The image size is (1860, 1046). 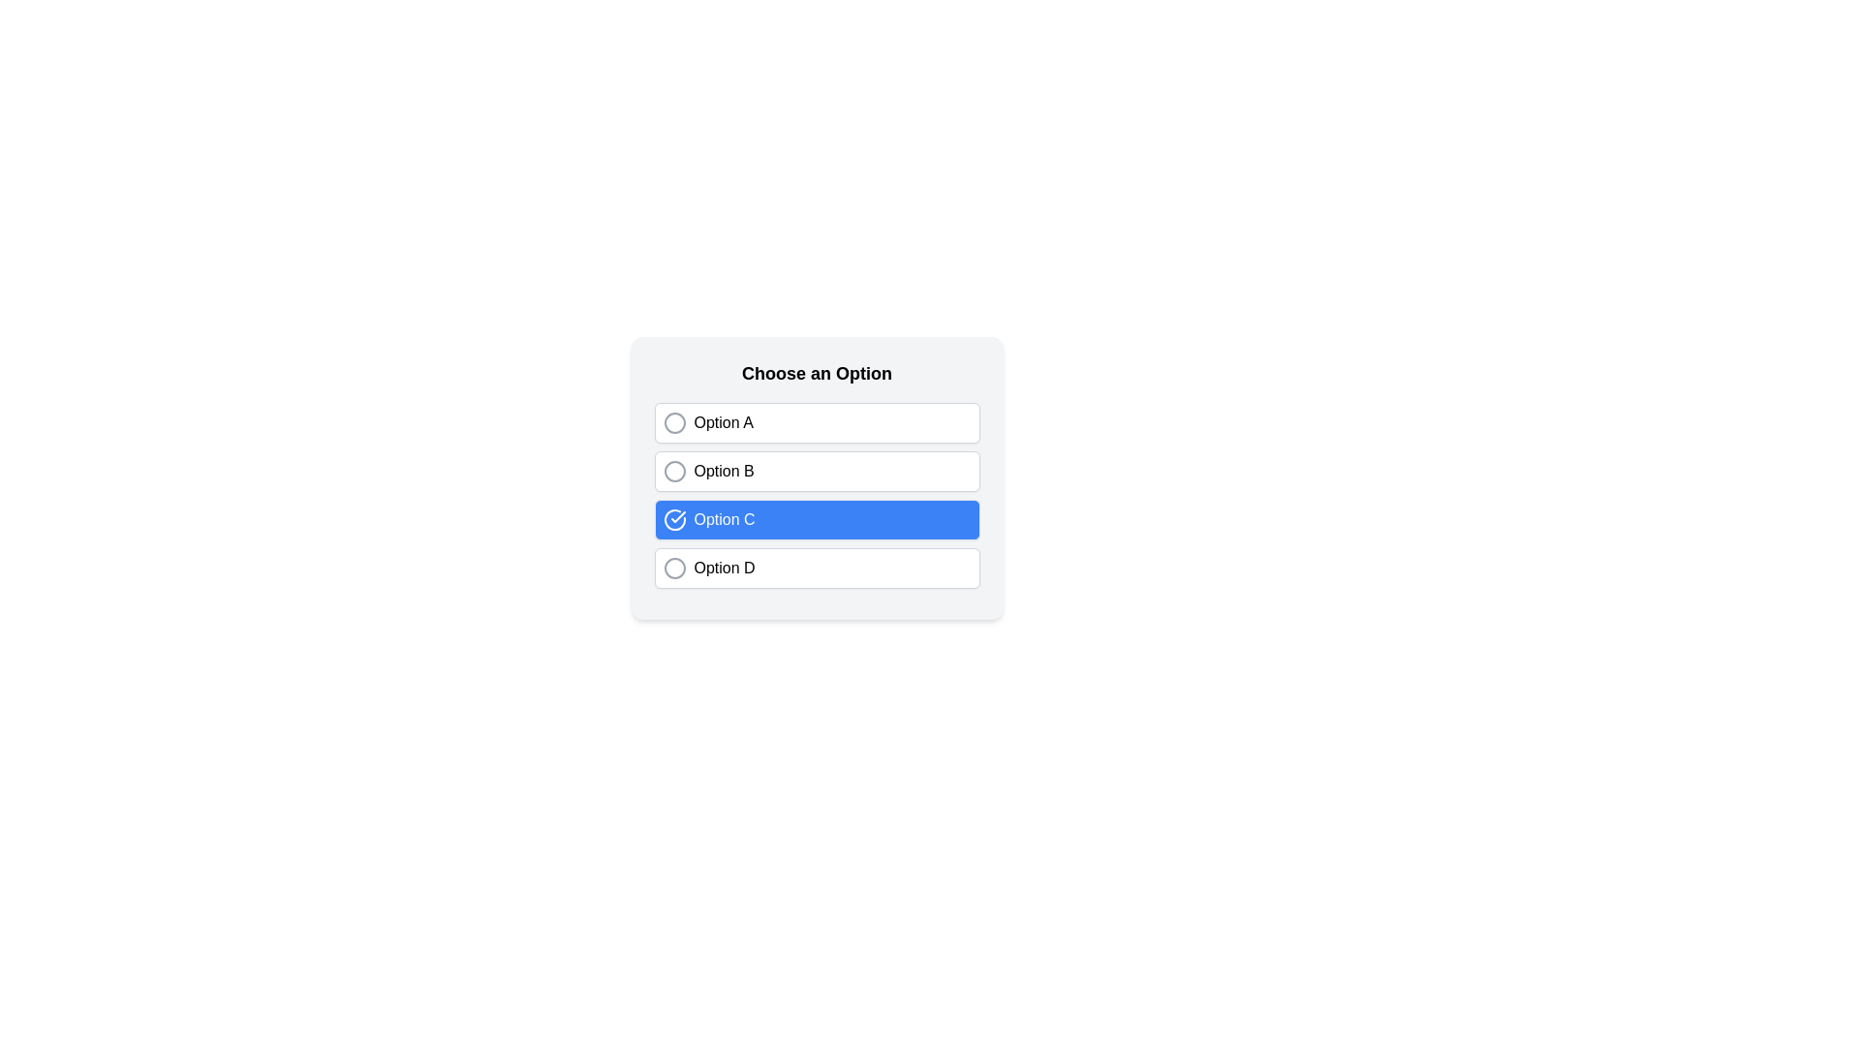 What do you see at coordinates (723, 471) in the screenshot?
I see `label text associated with the second radio button in the 'Choose an Option' section, which is positioned to the right of the corresponding radio button` at bounding box center [723, 471].